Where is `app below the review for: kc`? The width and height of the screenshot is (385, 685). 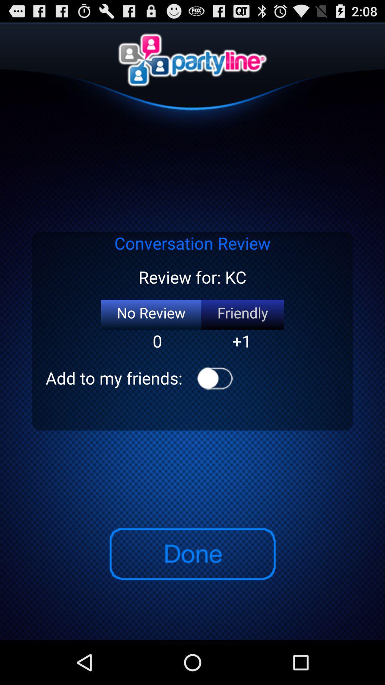 app below the review for: kc is located at coordinates (242, 314).